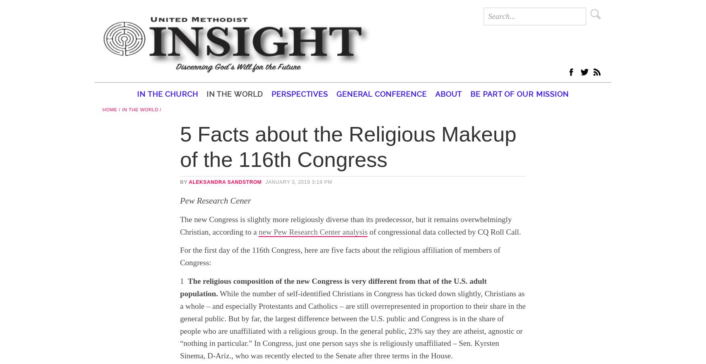  What do you see at coordinates (648, 70) in the screenshot?
I see `'twitter'` at bounding box center [648, 70].